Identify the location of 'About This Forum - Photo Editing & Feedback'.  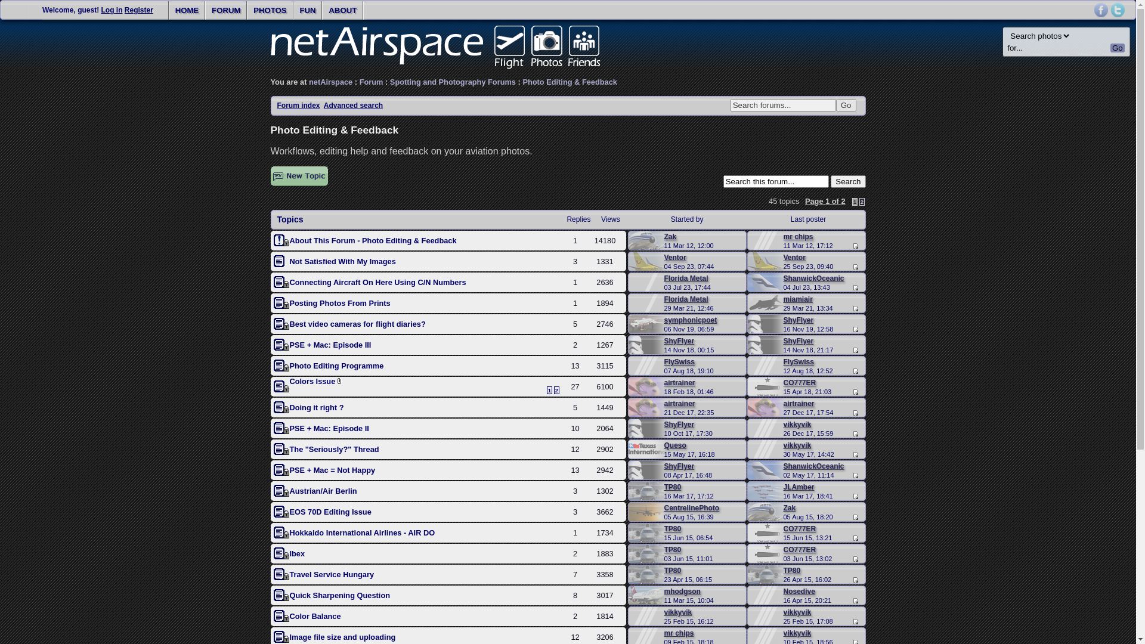
(289, 240).